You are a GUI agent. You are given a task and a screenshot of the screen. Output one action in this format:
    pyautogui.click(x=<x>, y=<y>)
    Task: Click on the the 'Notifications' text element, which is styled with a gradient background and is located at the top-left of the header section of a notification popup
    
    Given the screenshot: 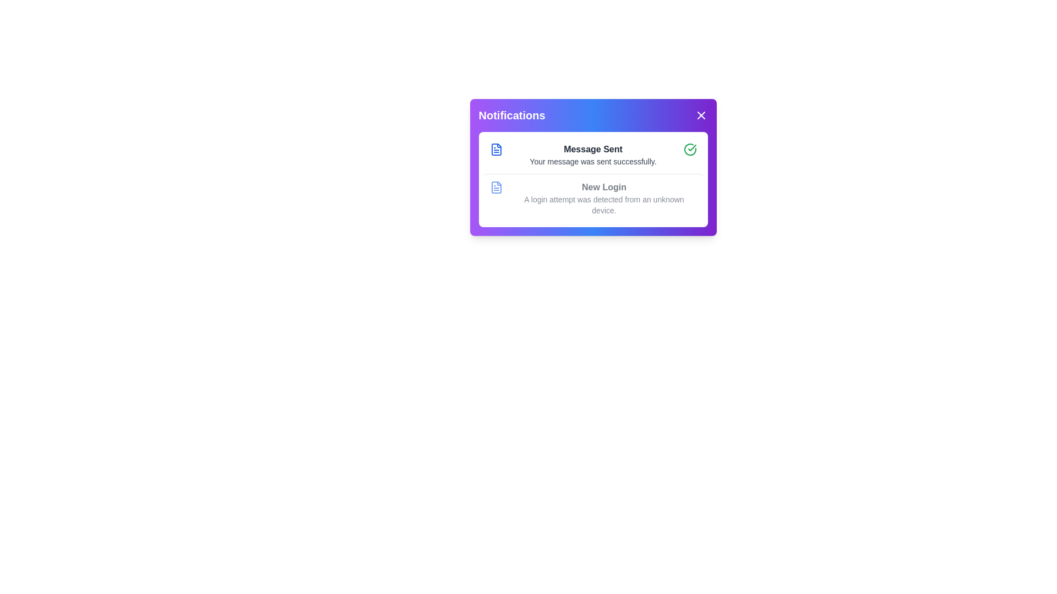 What is the action you would take?
    pyautogui.click(x=511, y=115)
    